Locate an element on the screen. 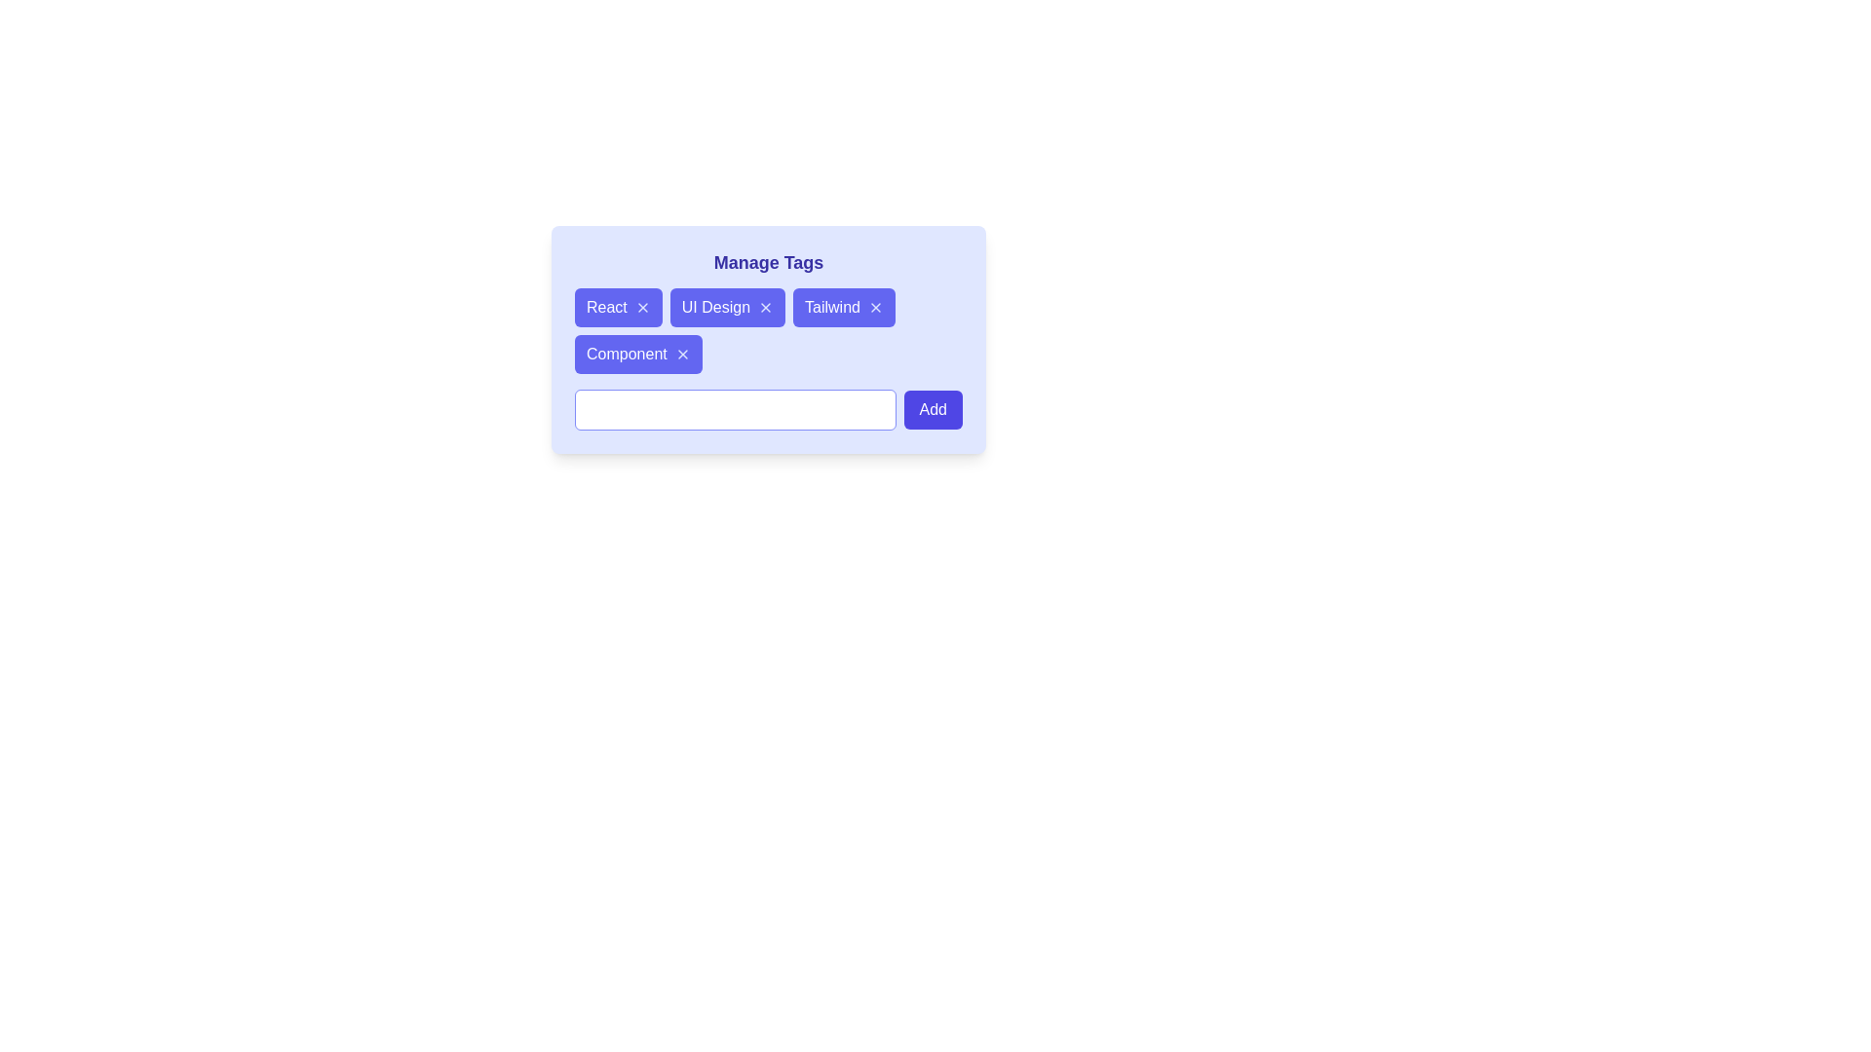 This screenshot has height=1052, width=1871. the close button of the tag labeled UI Design to remove it is located at coordinates (765, 307).